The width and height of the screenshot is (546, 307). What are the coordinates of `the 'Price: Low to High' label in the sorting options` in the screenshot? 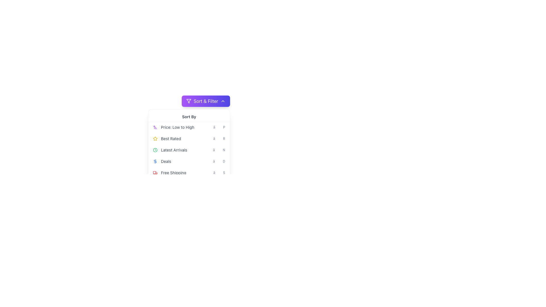 It's located at (177, 127).